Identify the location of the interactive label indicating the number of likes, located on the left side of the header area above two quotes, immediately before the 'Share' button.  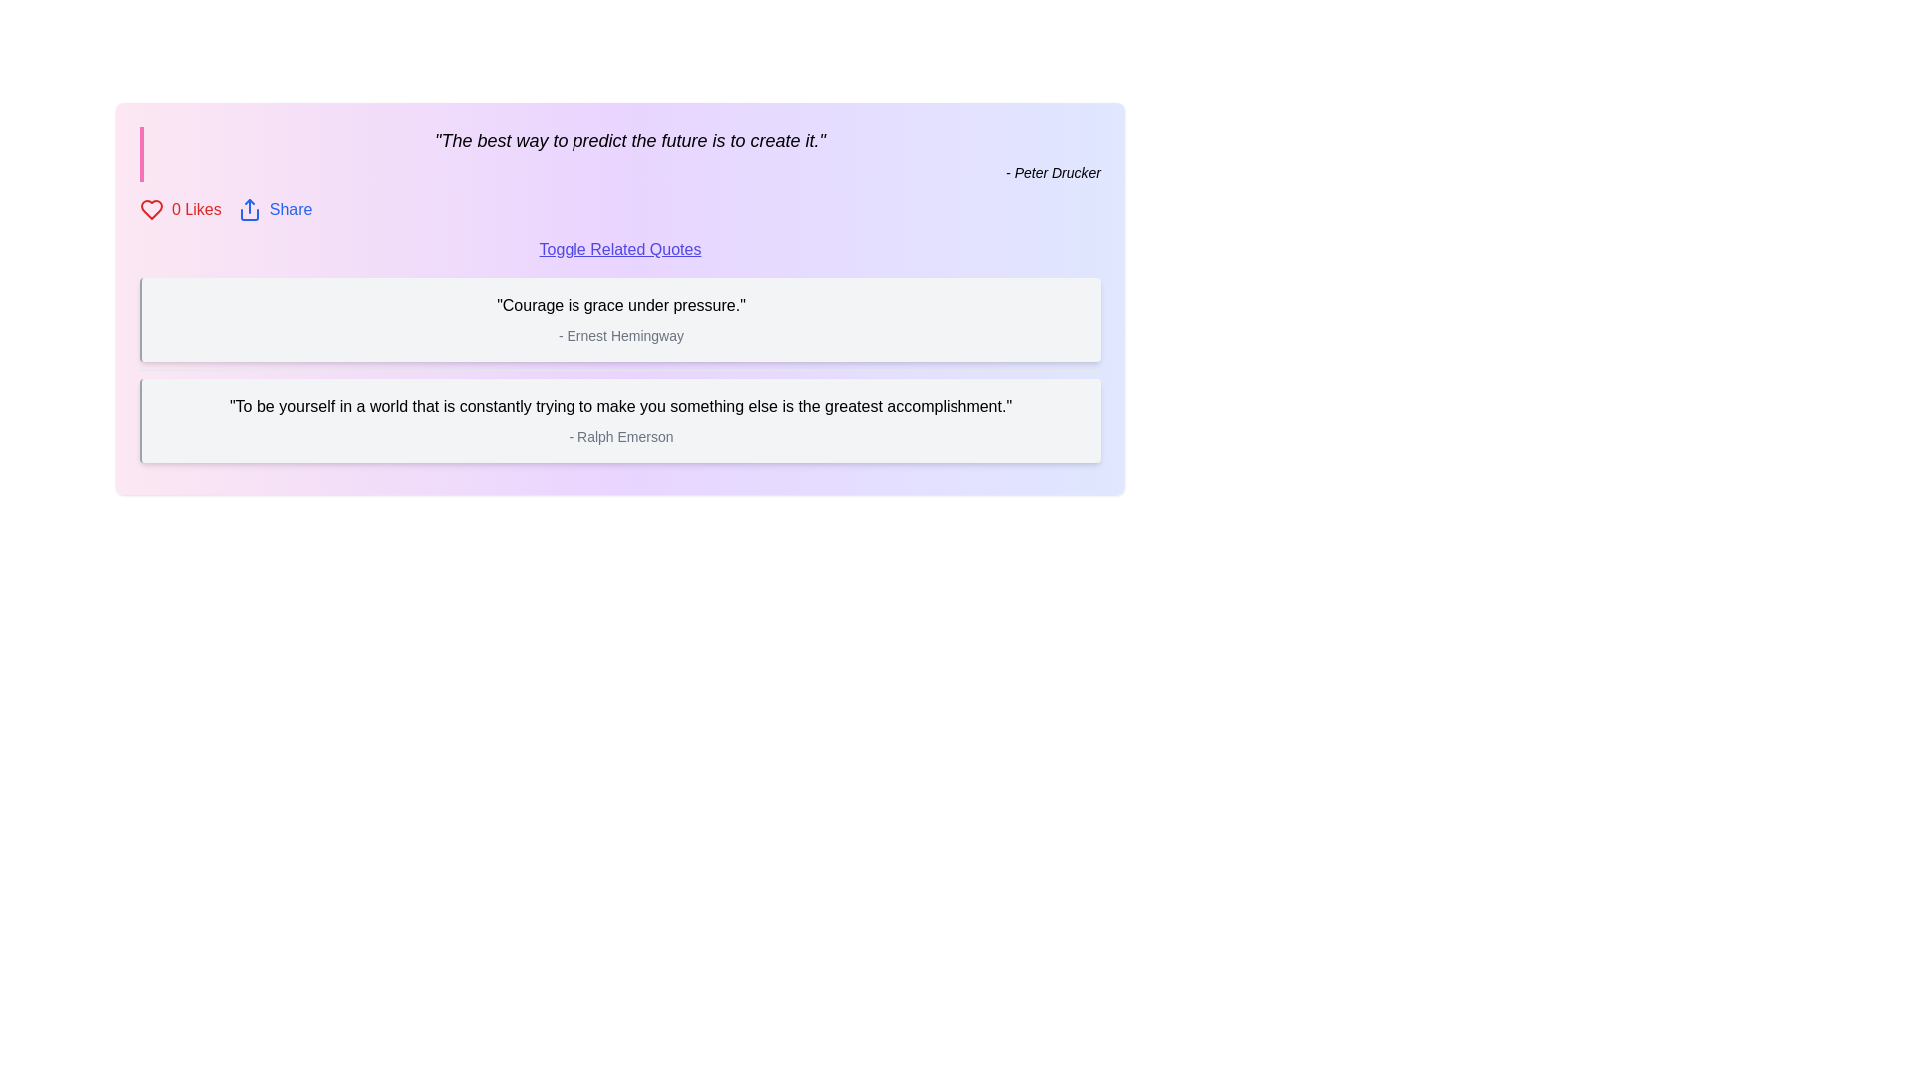
(181, 210).